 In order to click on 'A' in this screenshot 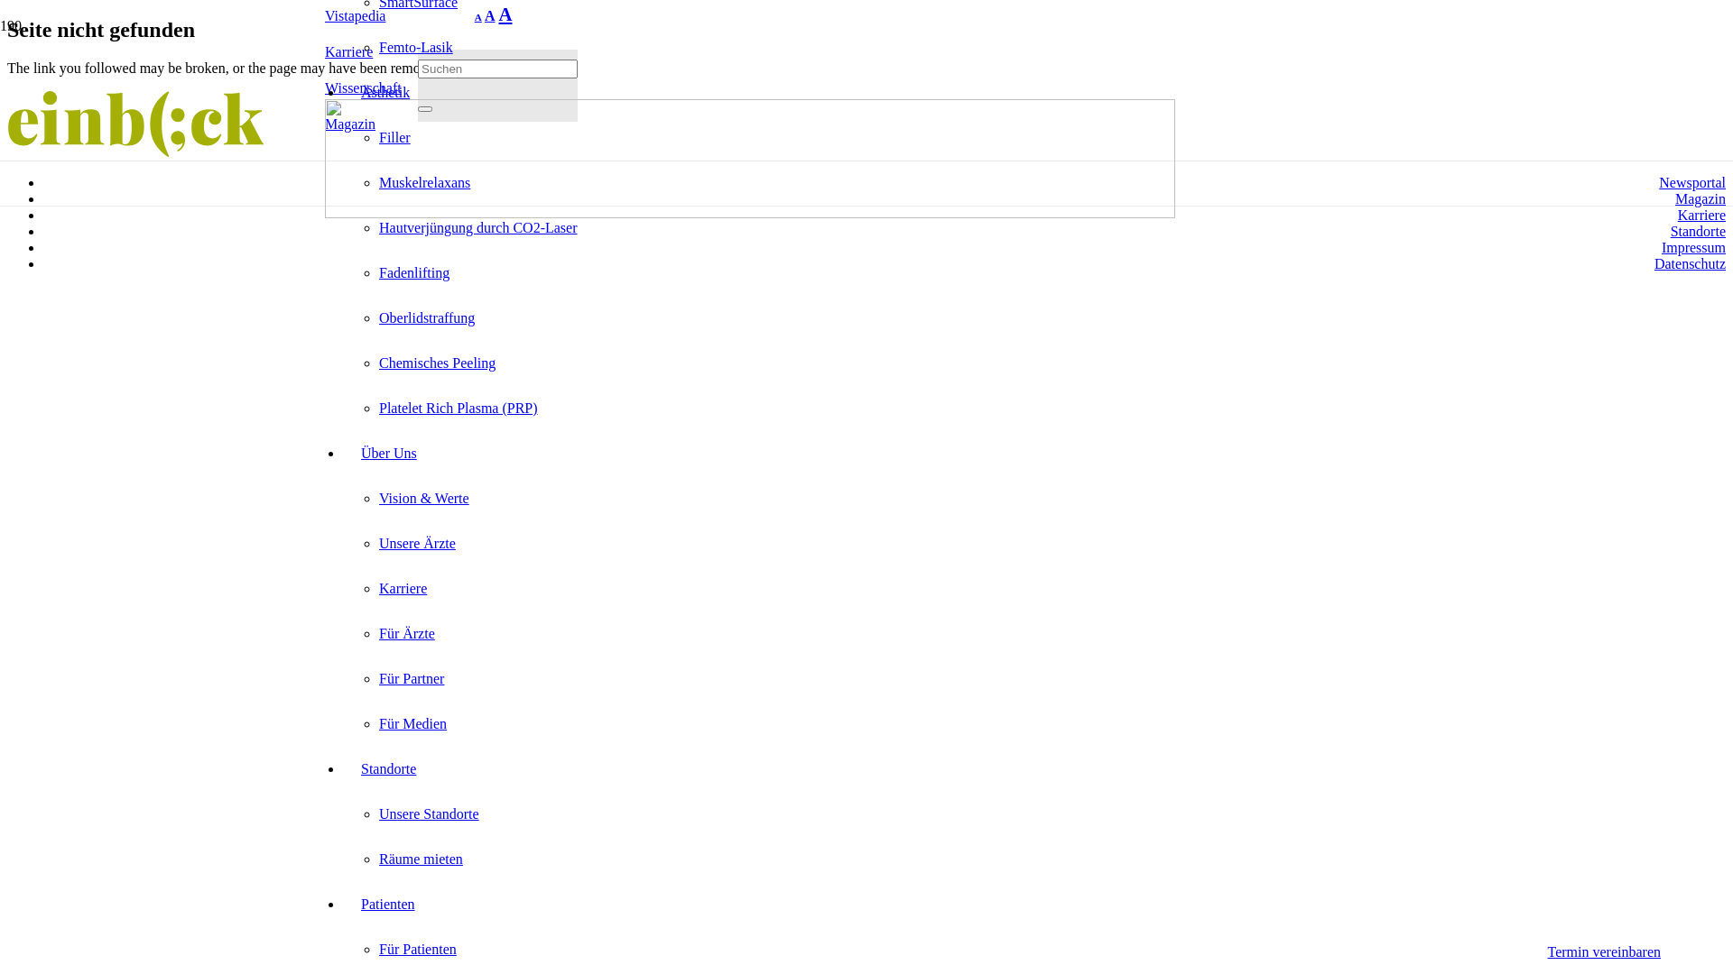, I will do `click(505, 14)`.